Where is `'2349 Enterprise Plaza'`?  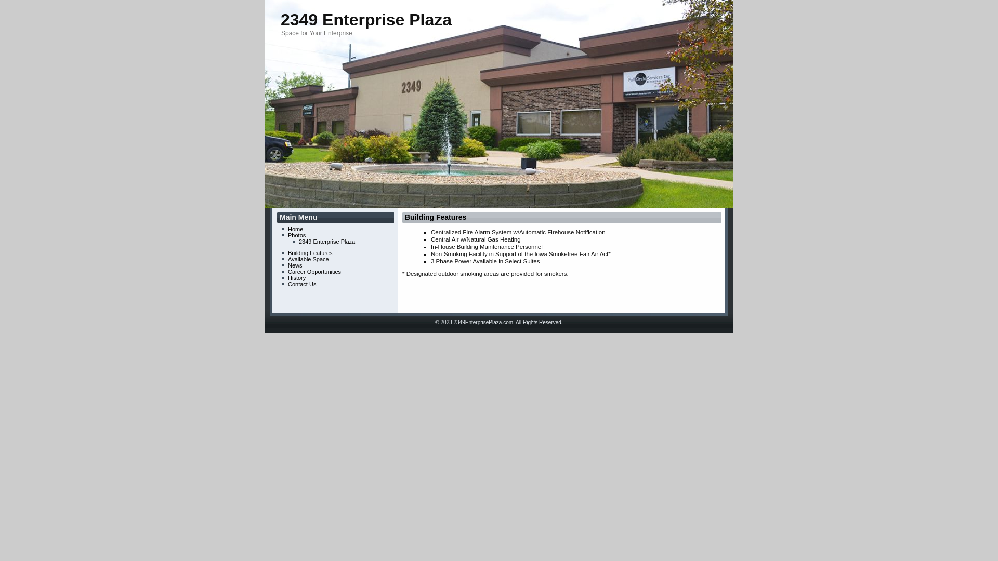 '2349 Enterprise Plaza' is located at coordinates (326, 242).